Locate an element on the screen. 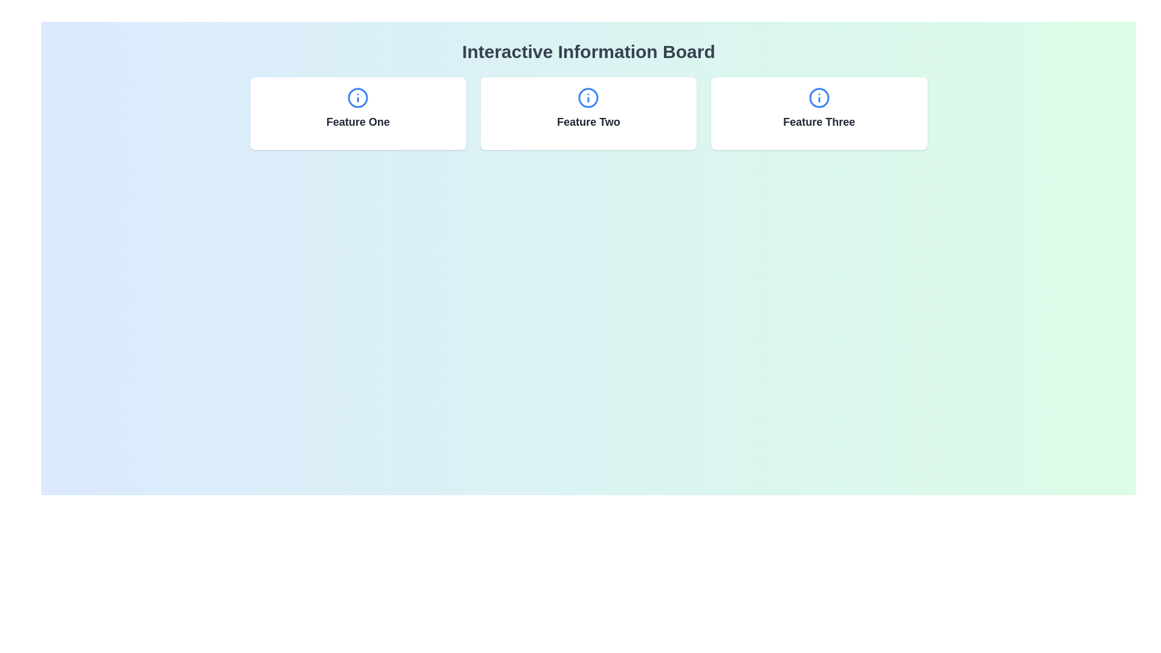 The height and width of the screenshot is (653, 1161). text element labeled 'Feature Two' which is styled in bold dark gray and located below the information icon in the middle card of a three-card layout is located at coordinates (588, 109).